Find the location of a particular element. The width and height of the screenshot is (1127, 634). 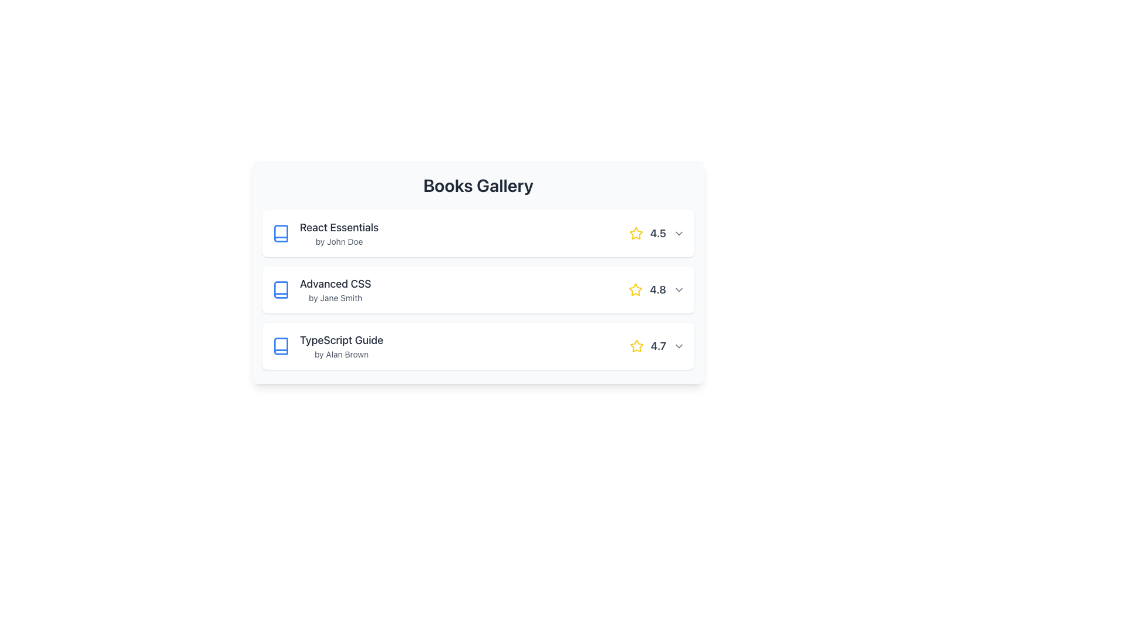

the star icon indicating user ratings for the 'Advanced CSS' book, located to the left of the rating number '4.8' is located at coordinates (635, 289).